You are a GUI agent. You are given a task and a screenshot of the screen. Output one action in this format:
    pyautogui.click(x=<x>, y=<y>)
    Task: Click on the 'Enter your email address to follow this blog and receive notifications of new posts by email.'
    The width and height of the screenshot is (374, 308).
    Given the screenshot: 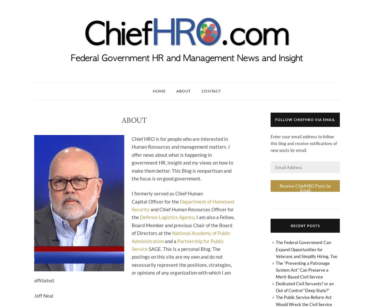 What is the action you would take?
    pyautogui.click(x=304, y=143)
    